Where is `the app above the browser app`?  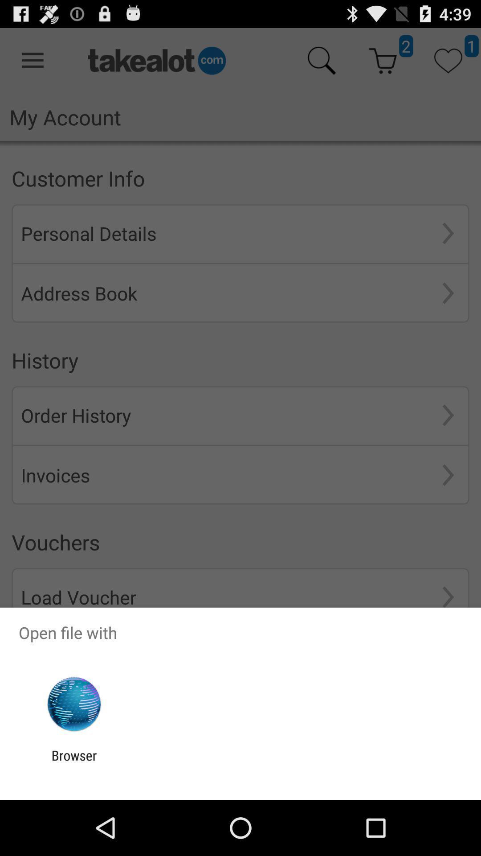
the app above the browser app is located at coordinates (73, 704).